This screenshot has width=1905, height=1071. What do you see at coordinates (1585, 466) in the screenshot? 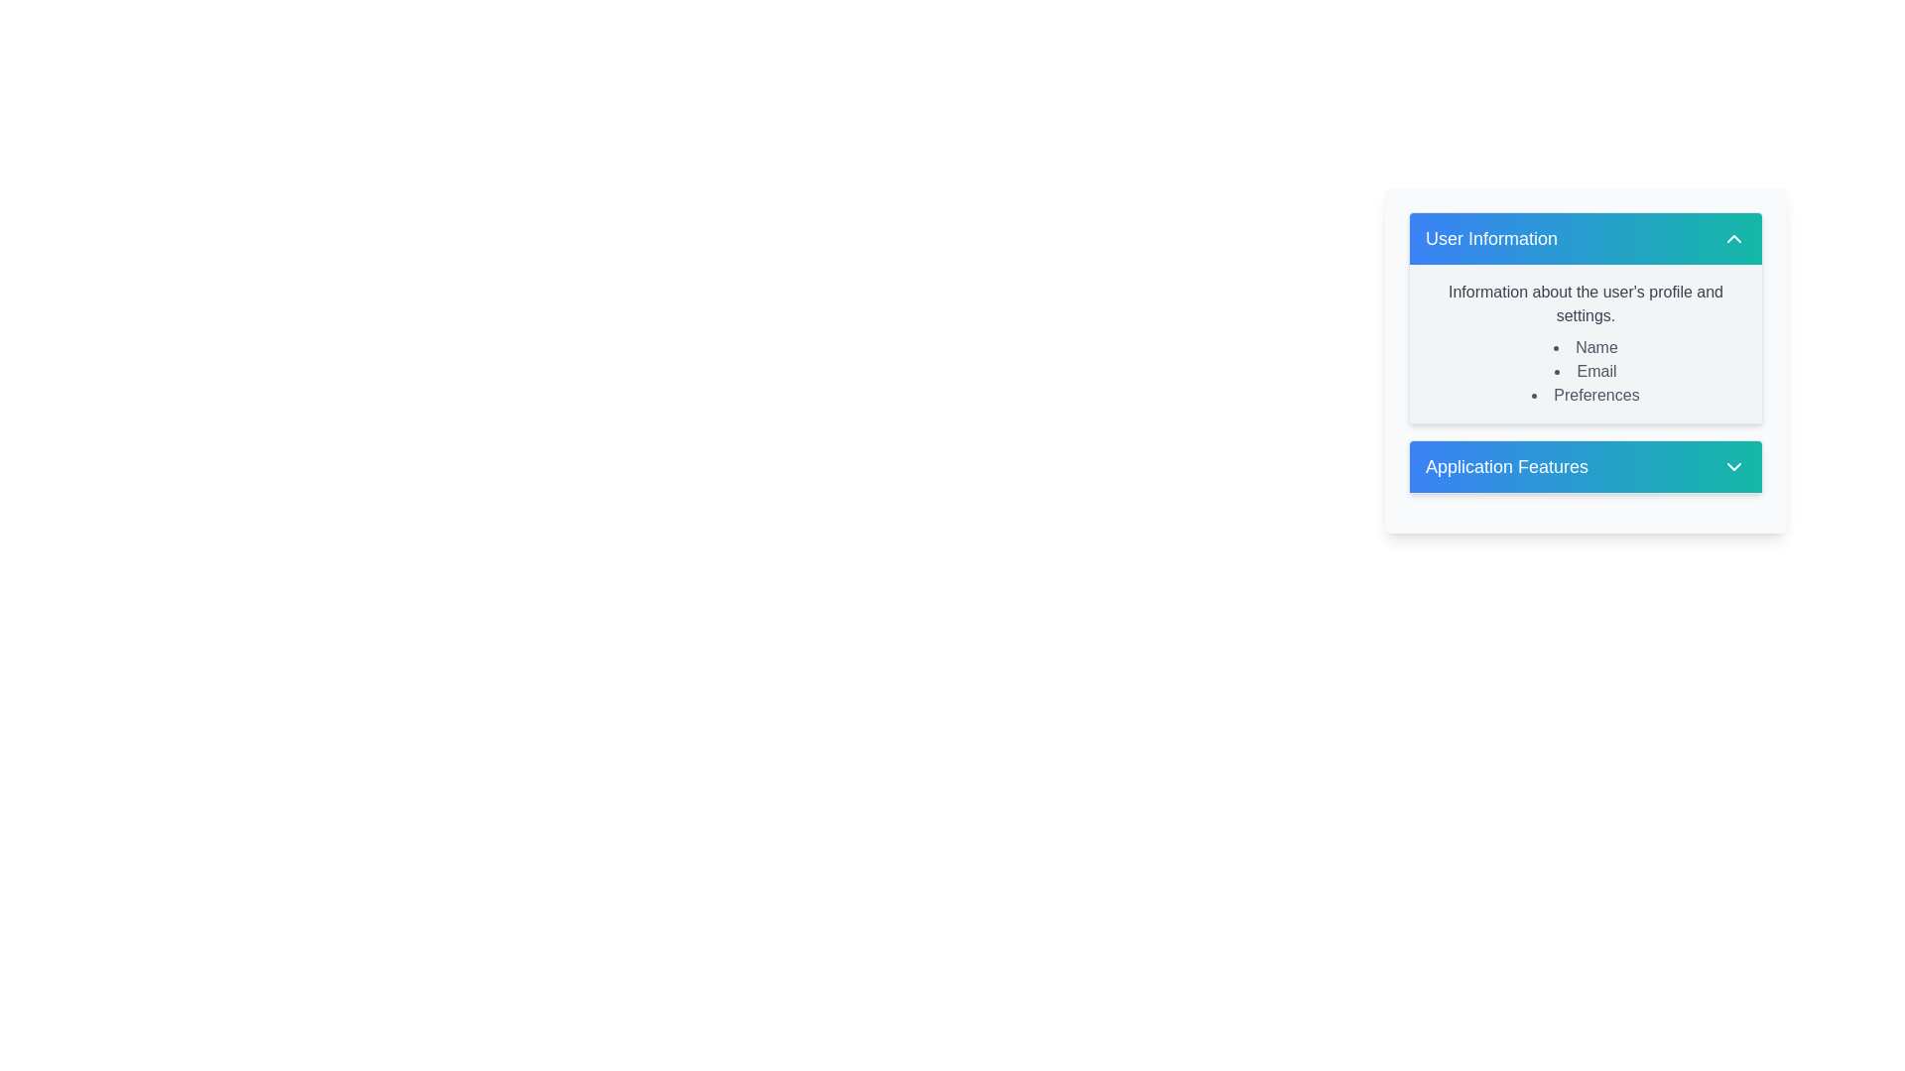
I see `the Collapsible Section Header button labeled 'Application Features'` at bounding box center [1585, 466].